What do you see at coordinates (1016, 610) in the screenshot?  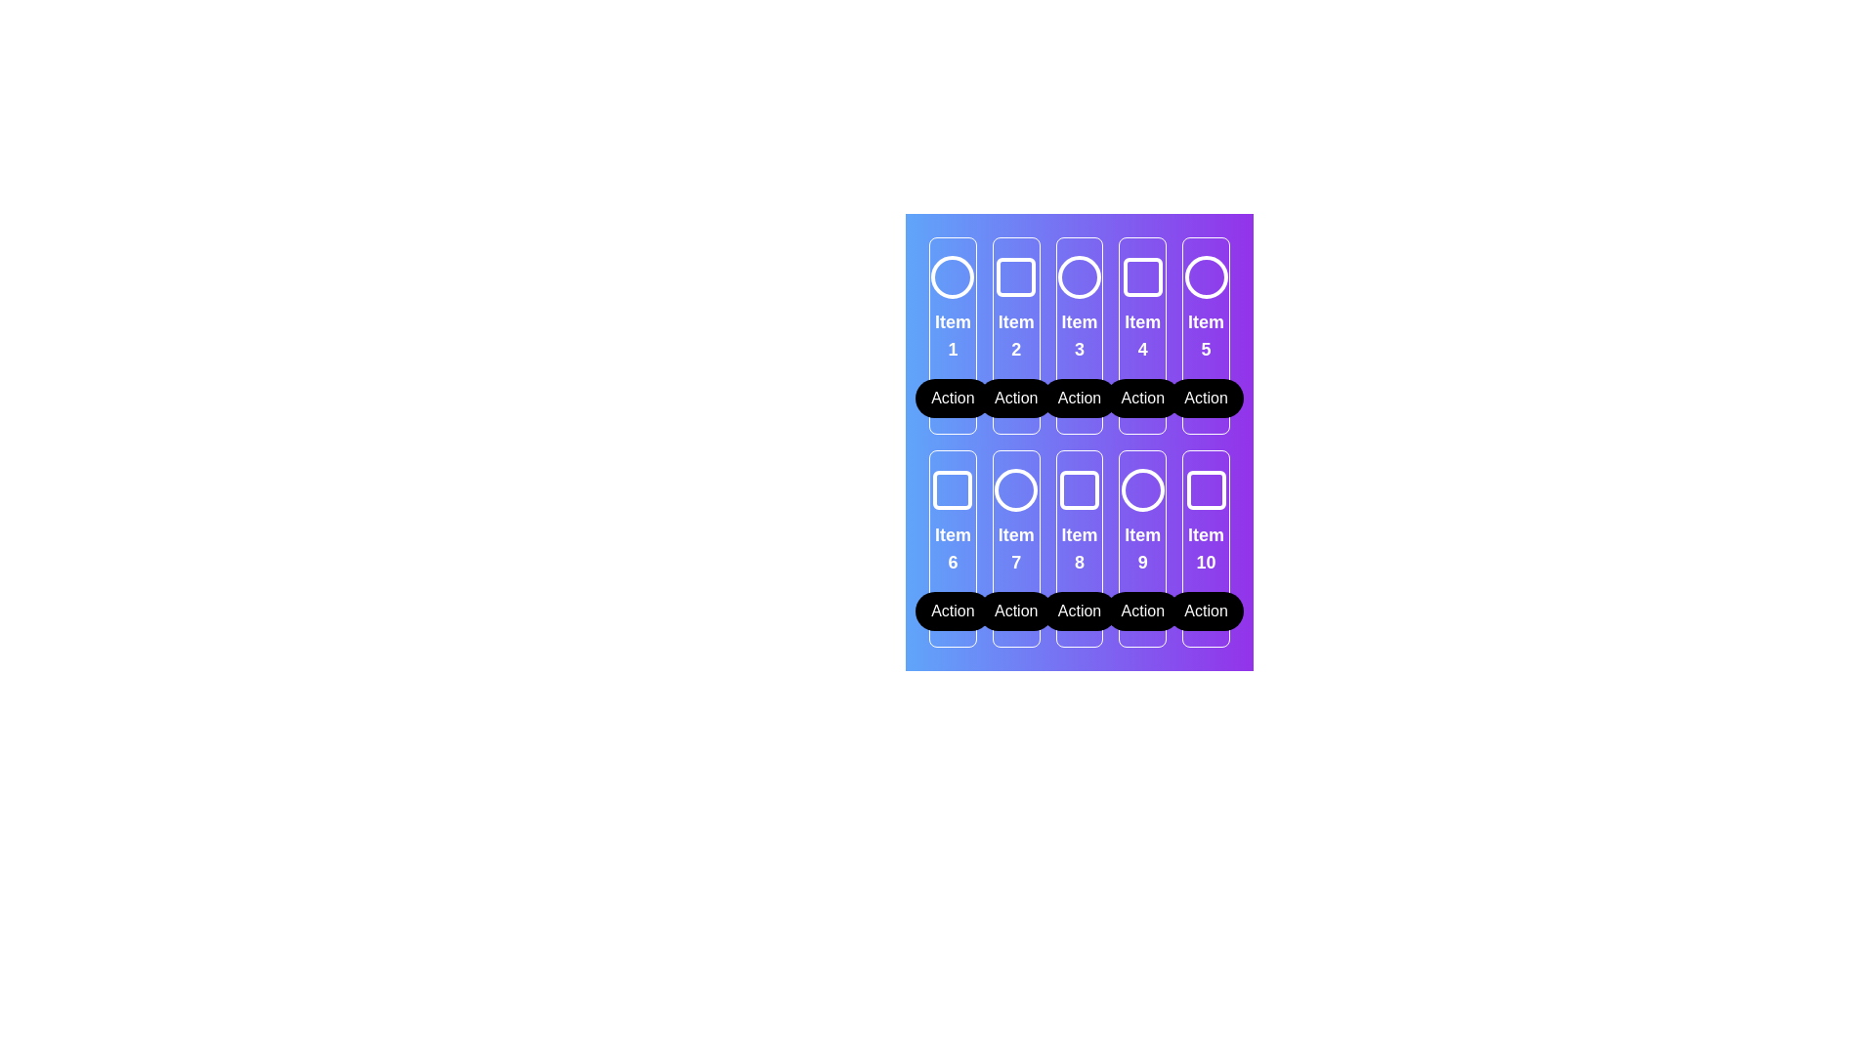 I see `the rounded-pill button labeled 'Action' with a black background located within the card labeled 'Item 7', positioned directly below the label, to change its background color to gray` at bounding box center [1016, 610].